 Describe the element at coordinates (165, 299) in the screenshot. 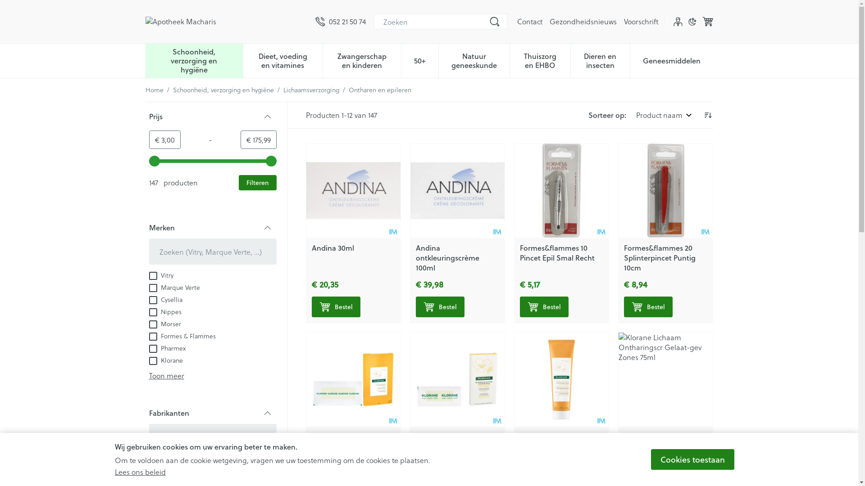

I see `'Cysellia'` at that location.